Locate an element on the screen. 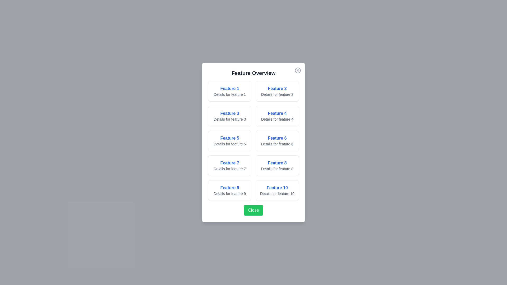  close icon to dismiss the dialog is located at coordinates (298, 70).